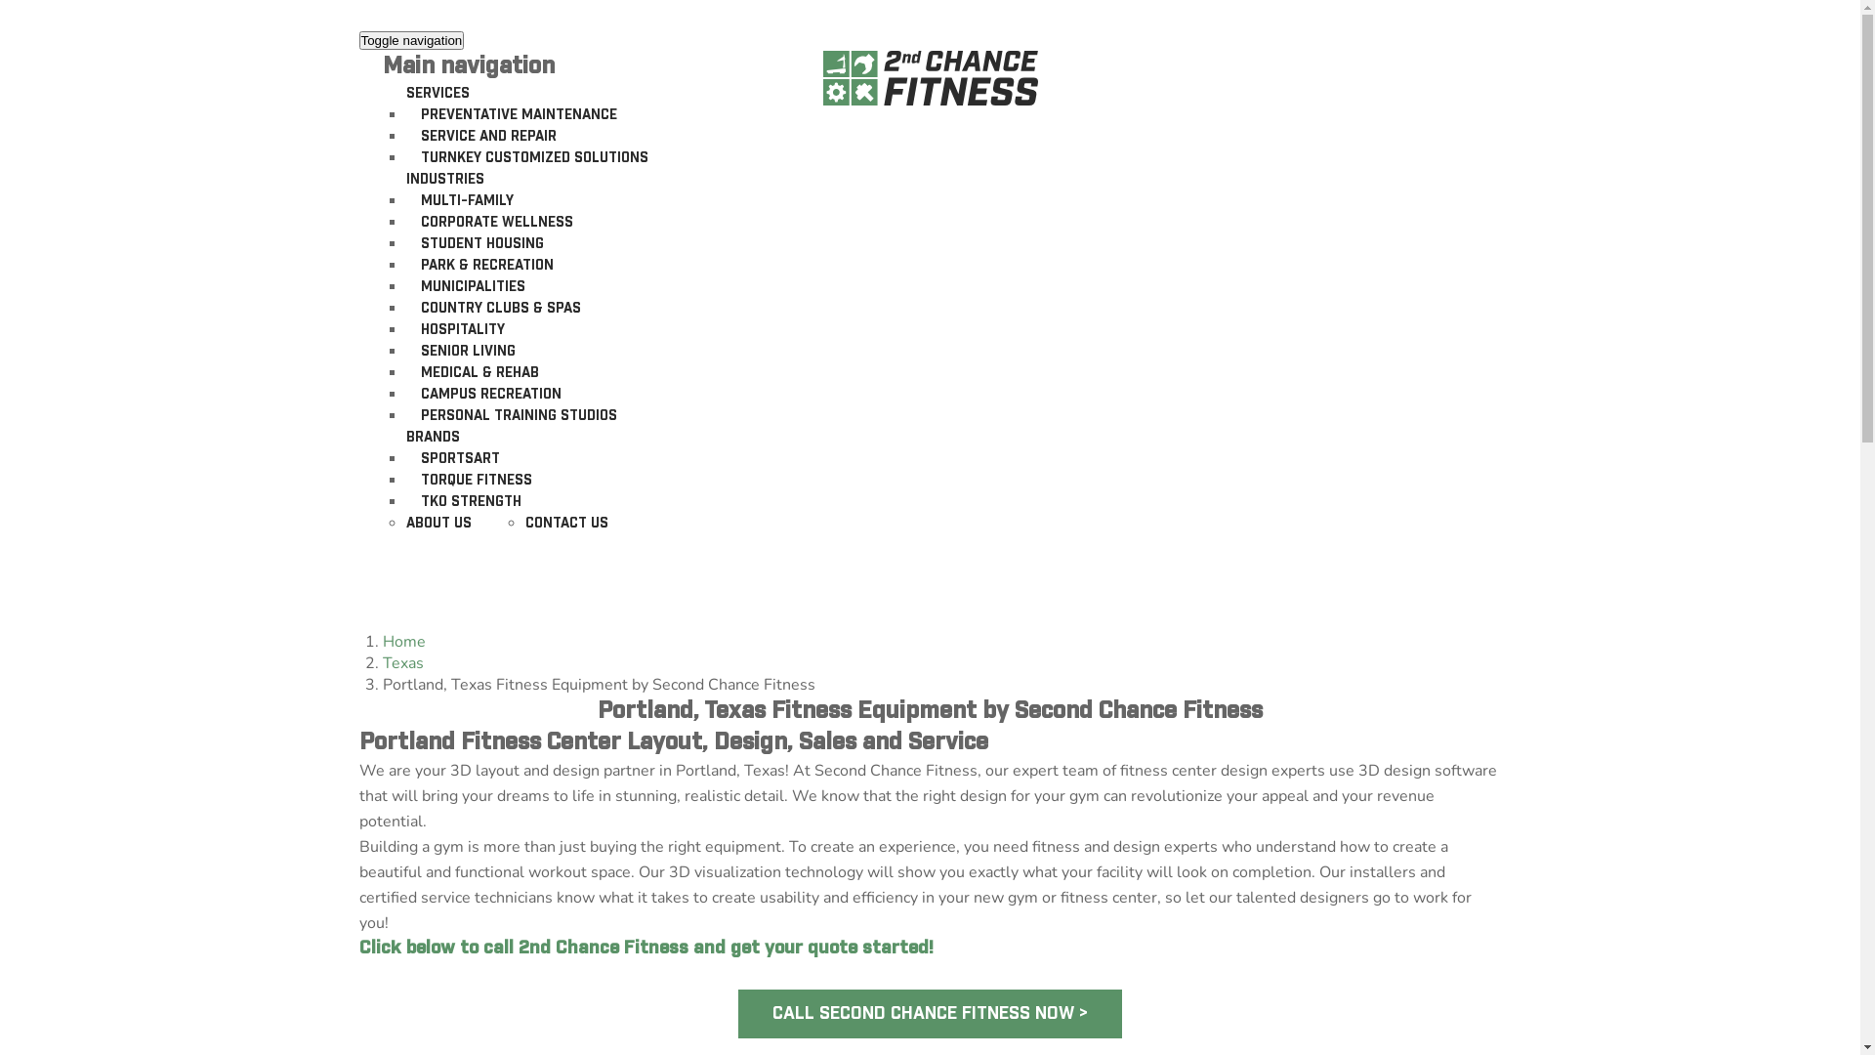  Describe the element at coordinates (466, 200) in the screenshot. I see `'MULTI-FAMILY'` at that location.